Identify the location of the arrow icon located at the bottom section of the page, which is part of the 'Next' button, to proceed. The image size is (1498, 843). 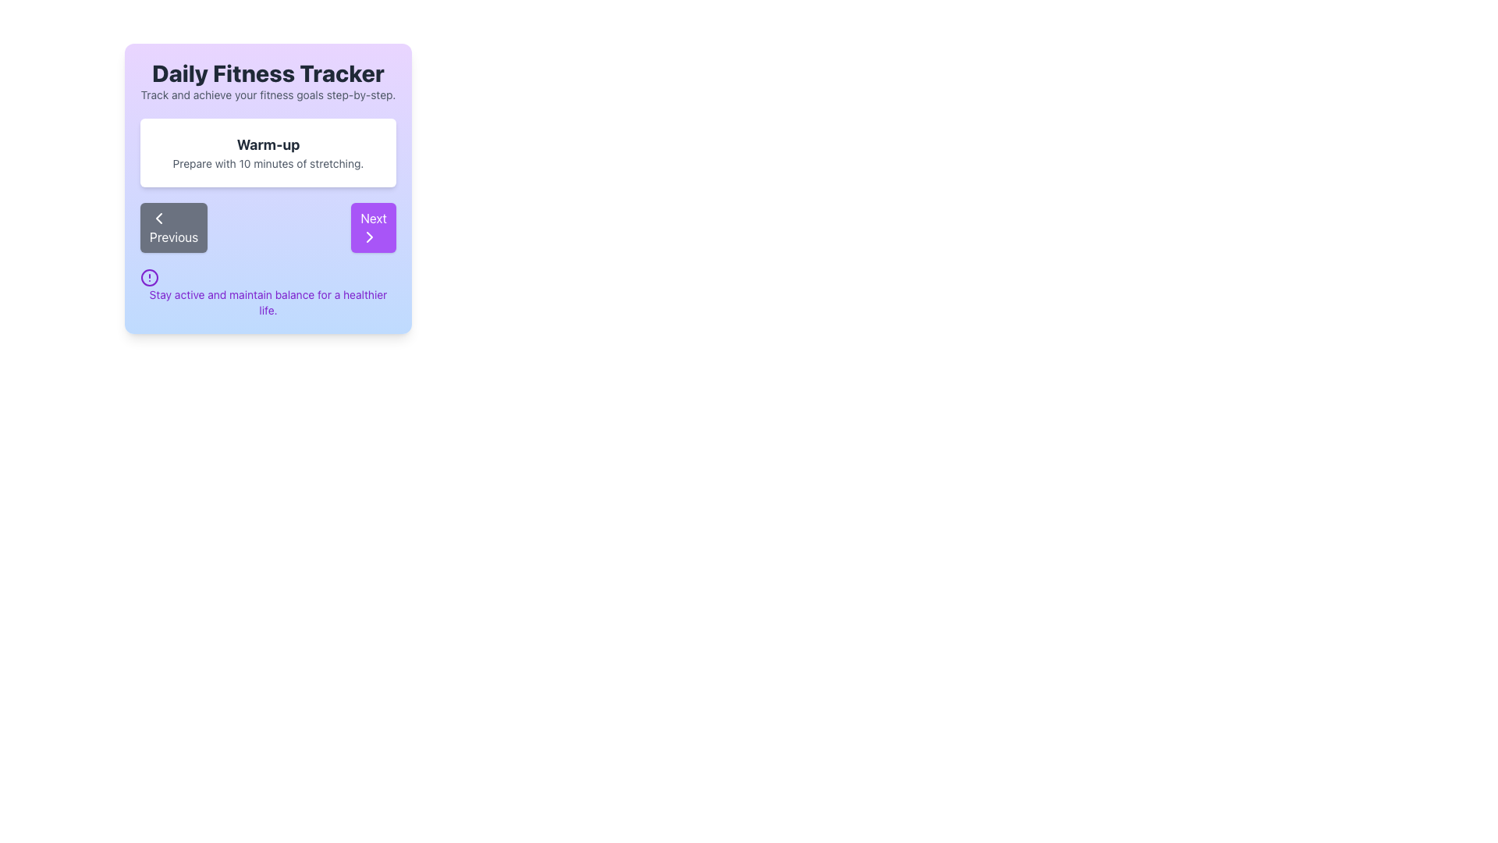
(369, 237).